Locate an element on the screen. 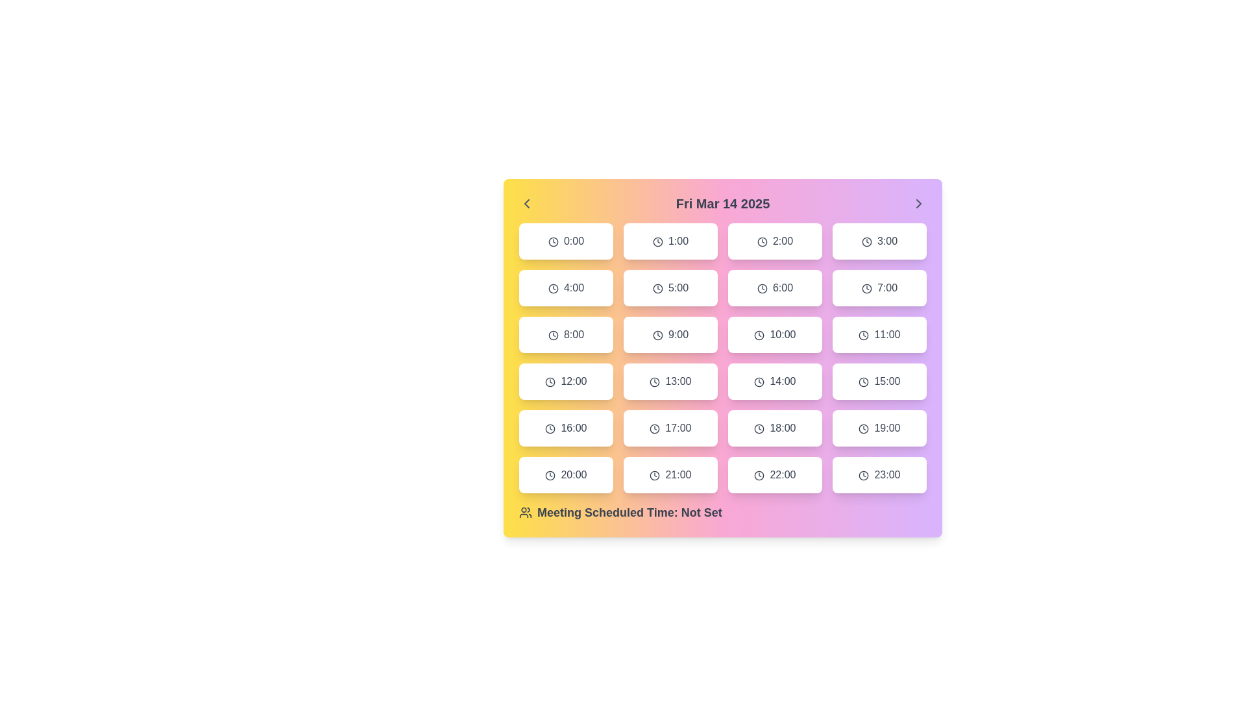  the time slot selection button for '22:00' located in the sixth row, third column of the grid layout is located at coordinates (775, 475).